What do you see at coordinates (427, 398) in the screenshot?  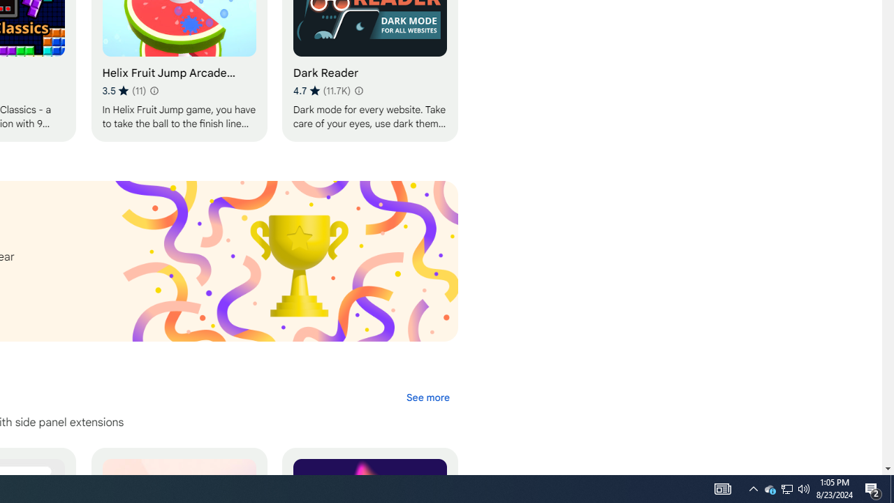 I see `'See more of the "Extend your browser" collection'` at bounding box center [427, 398].